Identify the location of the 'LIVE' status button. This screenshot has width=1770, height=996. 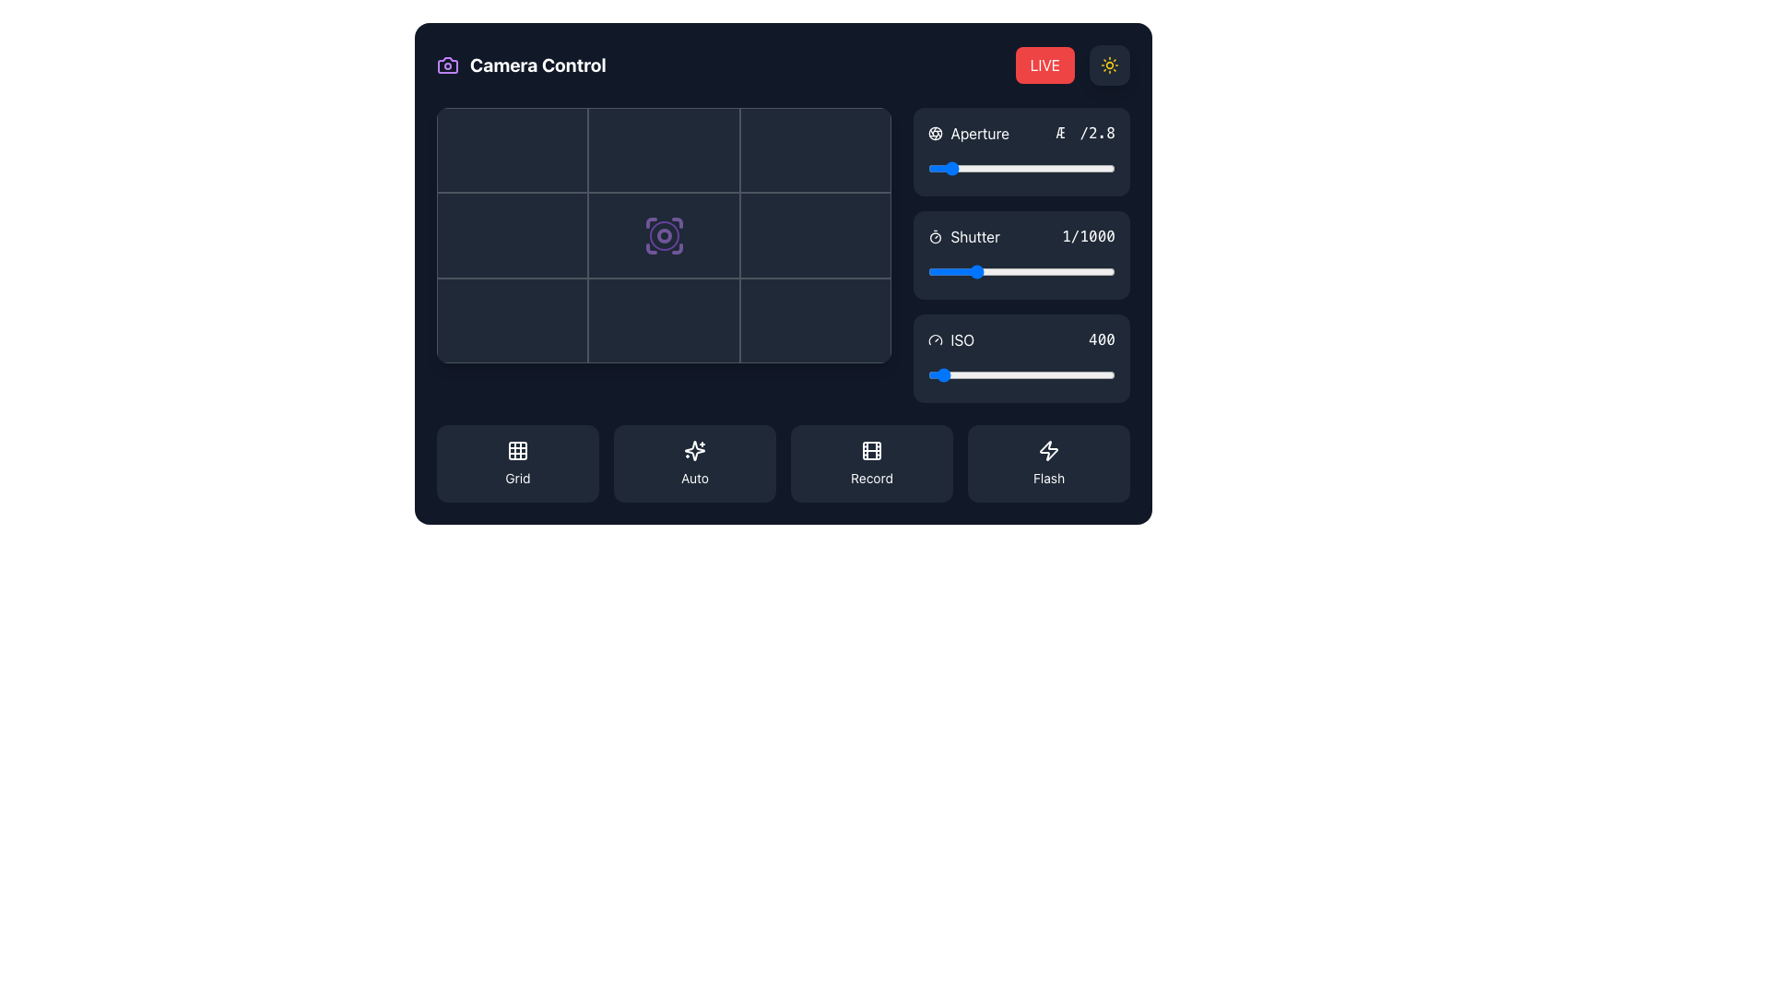
(1072, 64).